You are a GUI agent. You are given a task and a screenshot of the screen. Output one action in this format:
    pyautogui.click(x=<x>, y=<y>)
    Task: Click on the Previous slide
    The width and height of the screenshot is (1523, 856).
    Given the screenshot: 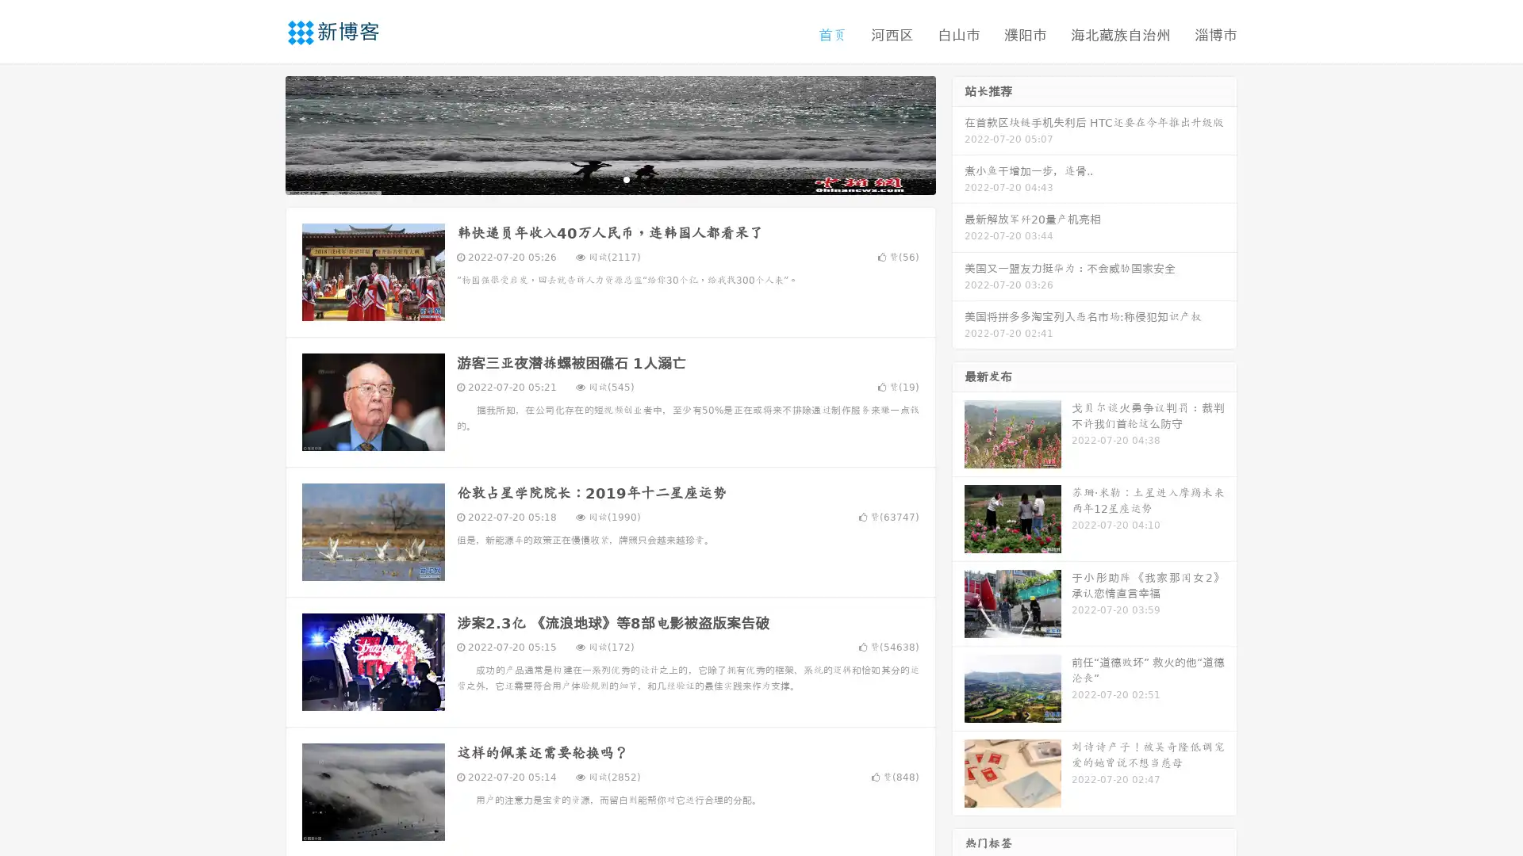 What is the action you would take?
    pyautogui.click(x=262, y=133)
    